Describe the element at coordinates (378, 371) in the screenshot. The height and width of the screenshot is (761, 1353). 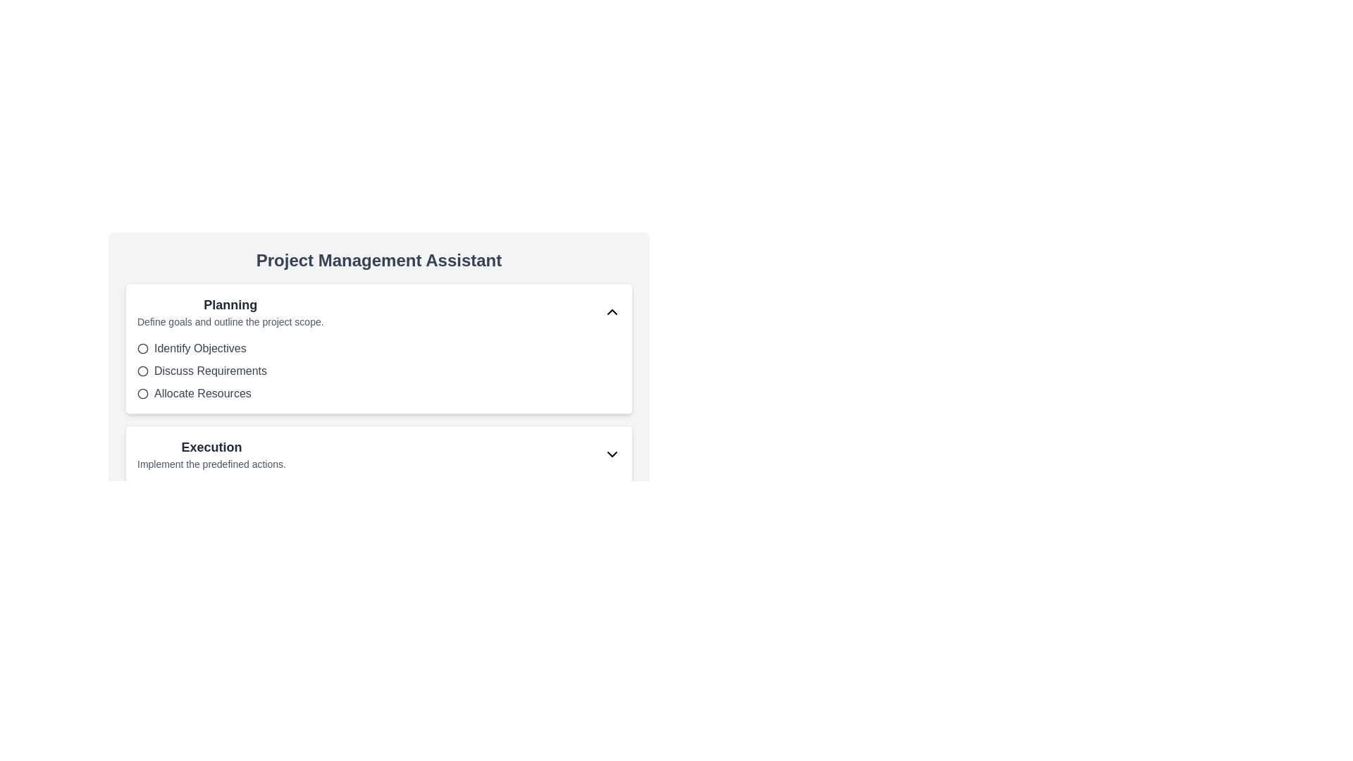
I see `the 'Discuss Requirements' radio button in the 'Planning' section` at that location.